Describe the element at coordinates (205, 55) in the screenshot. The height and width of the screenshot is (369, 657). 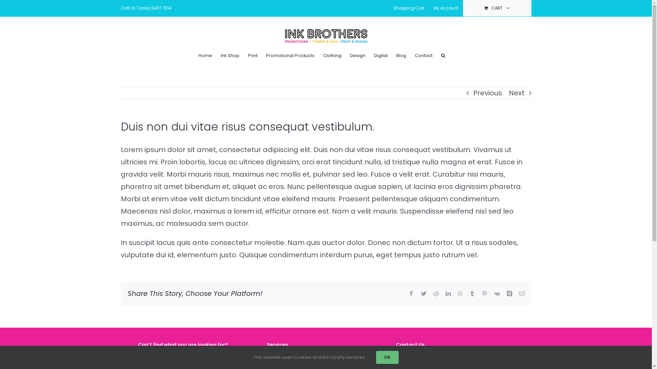
I see `'Home'` at that location.